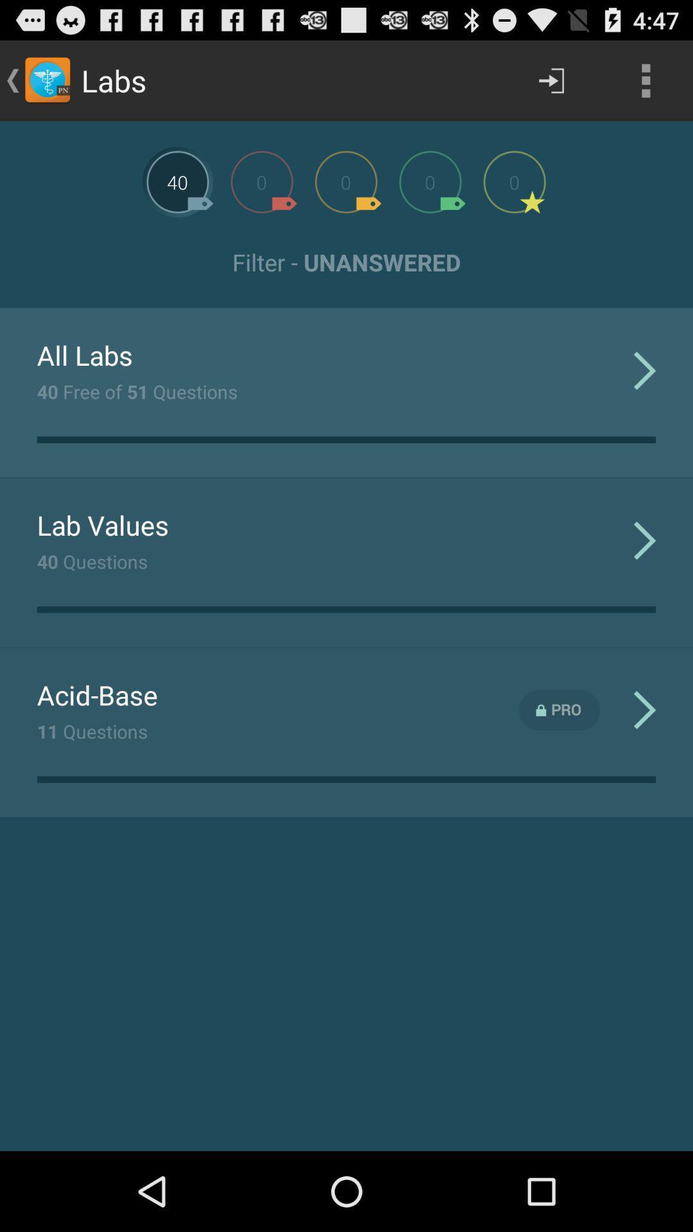  What do you see at coordinates (559, 710) in the screenshot?
I see `unlock pro edition` at bounding box center [559, 710].